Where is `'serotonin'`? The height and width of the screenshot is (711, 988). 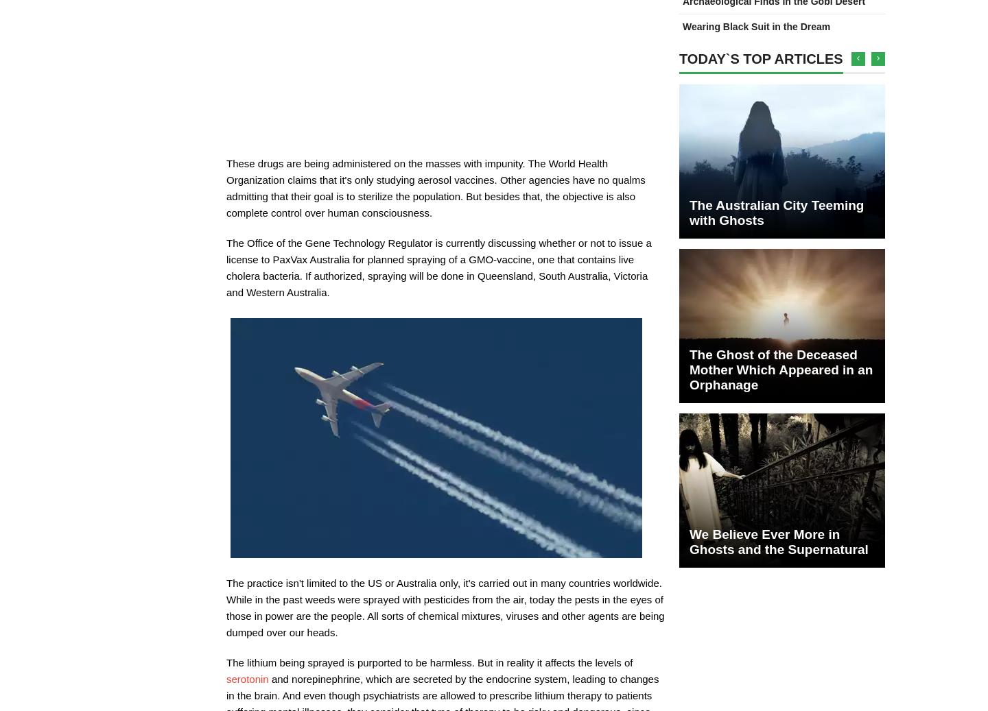 'serotonin' is located at coordinates (226, 679).